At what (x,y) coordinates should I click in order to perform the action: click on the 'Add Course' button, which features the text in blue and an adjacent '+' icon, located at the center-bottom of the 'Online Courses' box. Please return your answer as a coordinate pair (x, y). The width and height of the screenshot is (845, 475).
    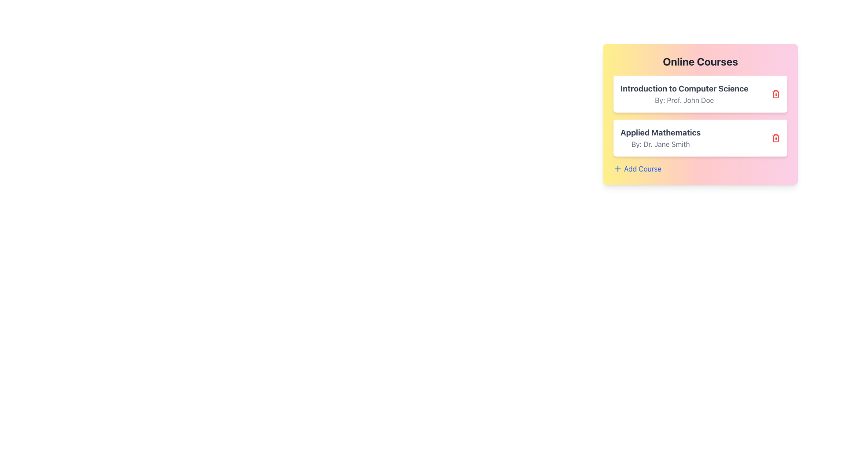
    Looking at the image, I should click on (637, 169).